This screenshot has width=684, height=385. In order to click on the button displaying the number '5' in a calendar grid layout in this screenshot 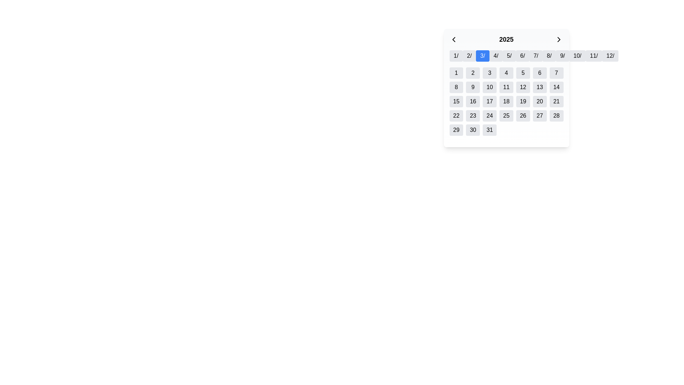, I will do `click(523, 73)`.